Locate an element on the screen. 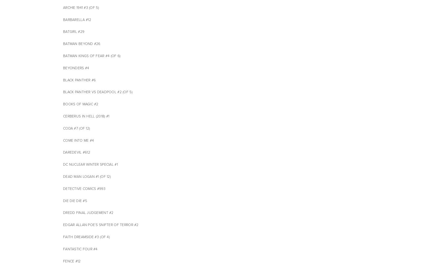 The width and height of the screenshot is (429, 270). 'DIE DIE DIE #5' is located at coordinates (63, 201).